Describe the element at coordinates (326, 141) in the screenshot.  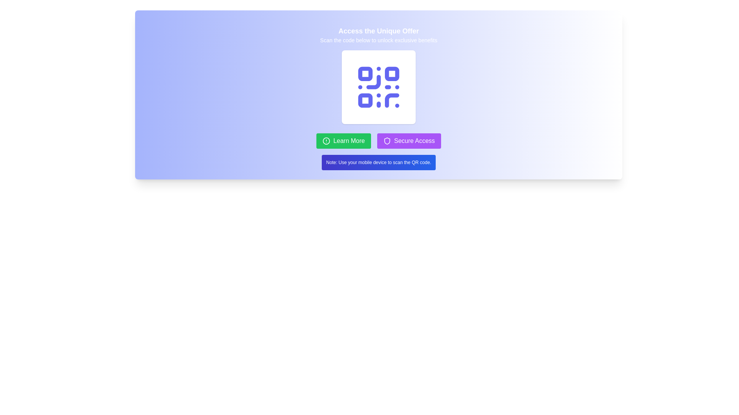
I see `the circular icon with a centered exclamation mark on a green background, located to the left of the 'Learn More' button` at that location.